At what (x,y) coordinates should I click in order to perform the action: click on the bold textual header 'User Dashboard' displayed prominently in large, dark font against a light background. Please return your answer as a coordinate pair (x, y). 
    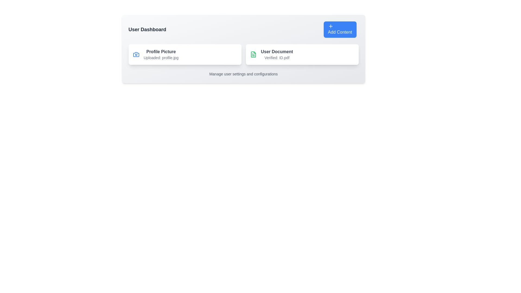
    Looking at the image, I should click on (147, 29).